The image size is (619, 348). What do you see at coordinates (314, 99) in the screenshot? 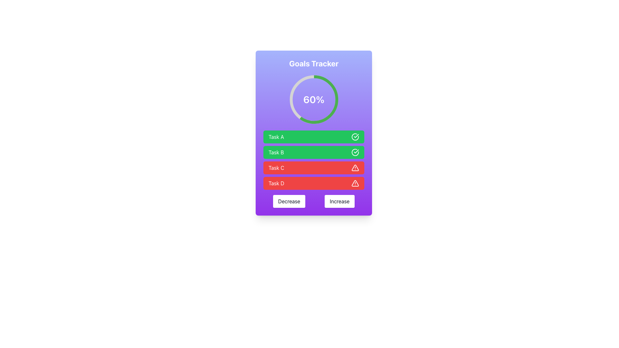
I see `the Progress indicator represented as a circular ring, which shows a completion percentage of 60% and is centrally positioned in the 'Goals Tracker' section` at bounding box center [314, 99].